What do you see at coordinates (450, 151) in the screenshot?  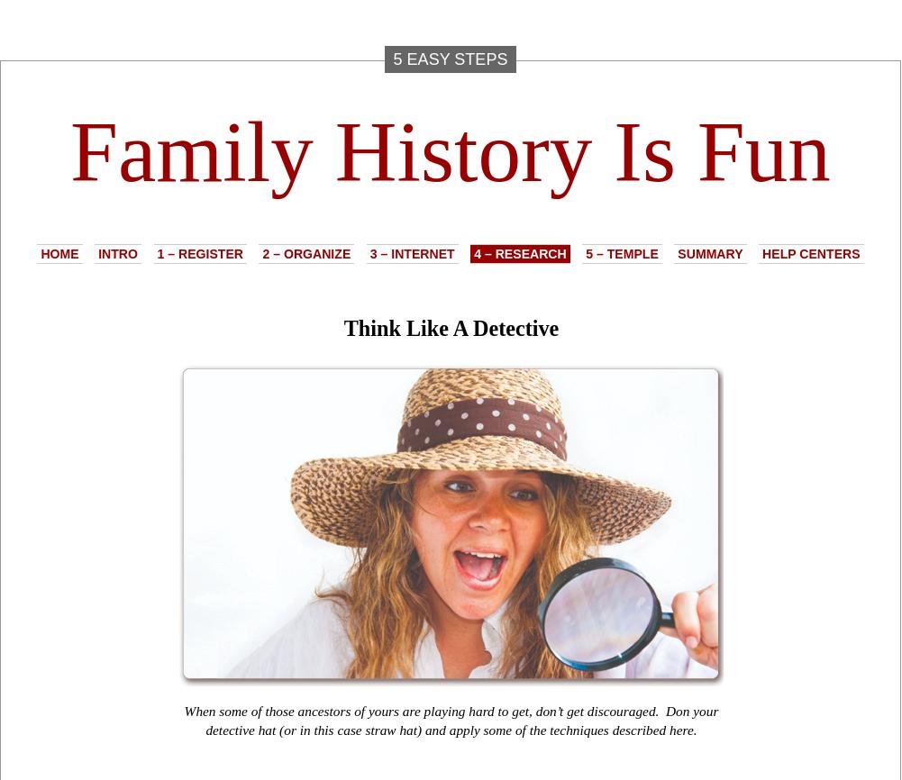 I see `'Family History Is Fun'` at bounding box center [450, 151].